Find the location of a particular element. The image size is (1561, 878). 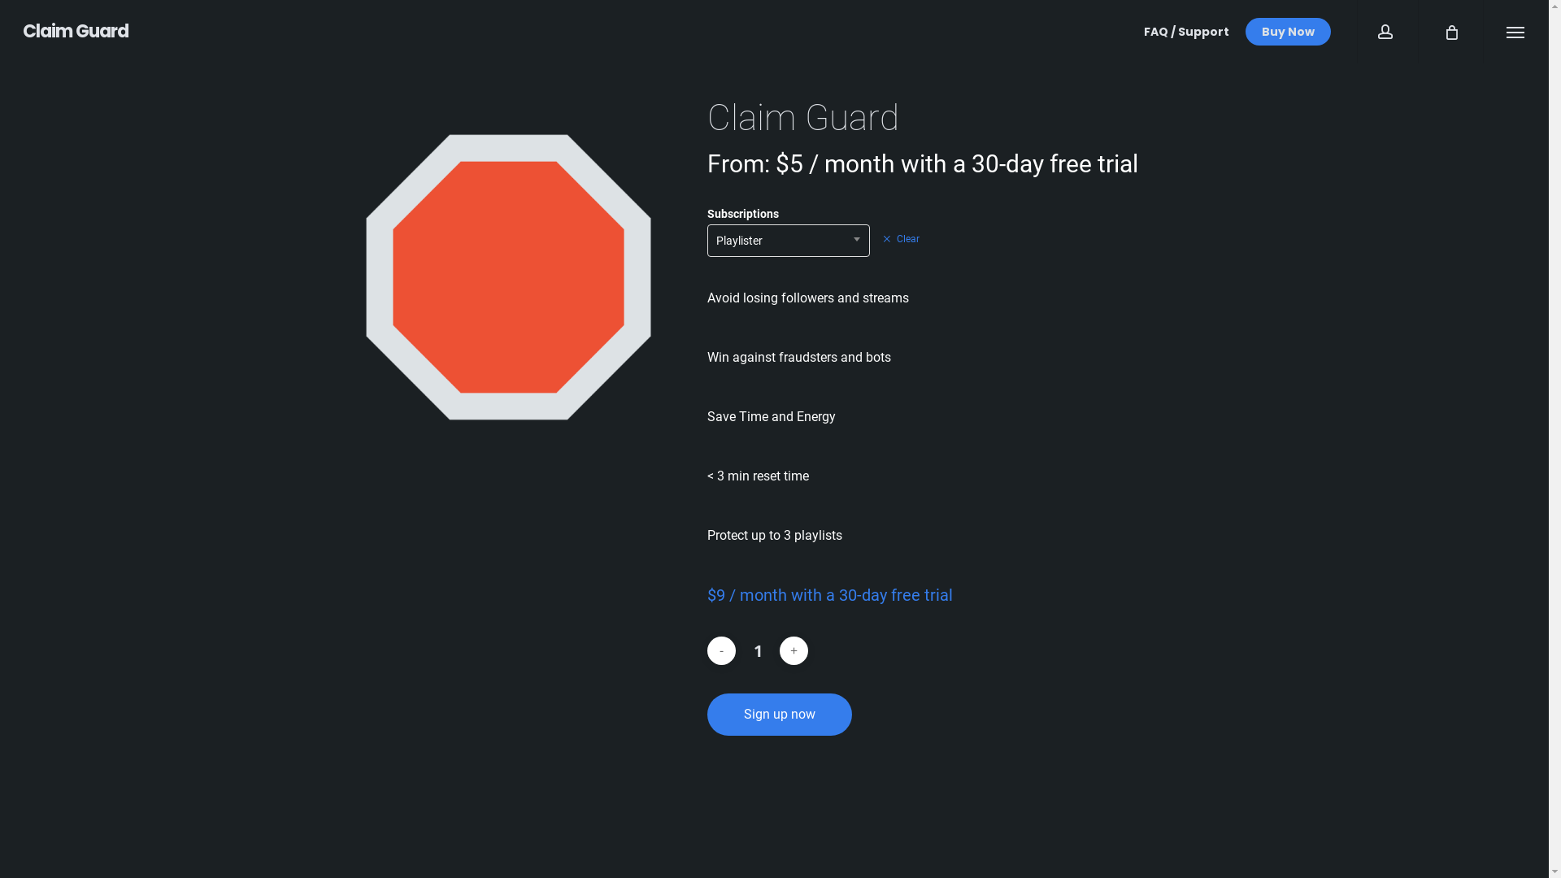

'account' is located at coordinates (1357, 31).